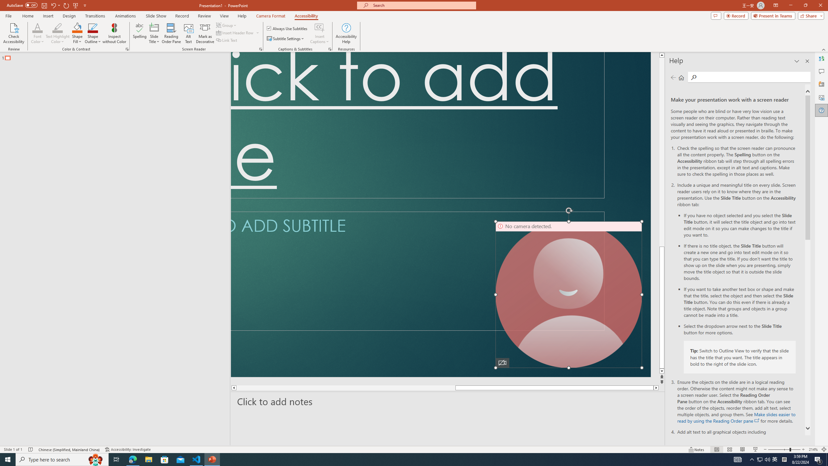 The width and height of the screenshot is (828, 466). Describe the element at coordinates (93, 33) in the screenshot. I see `'Shape Outline'` at that location.